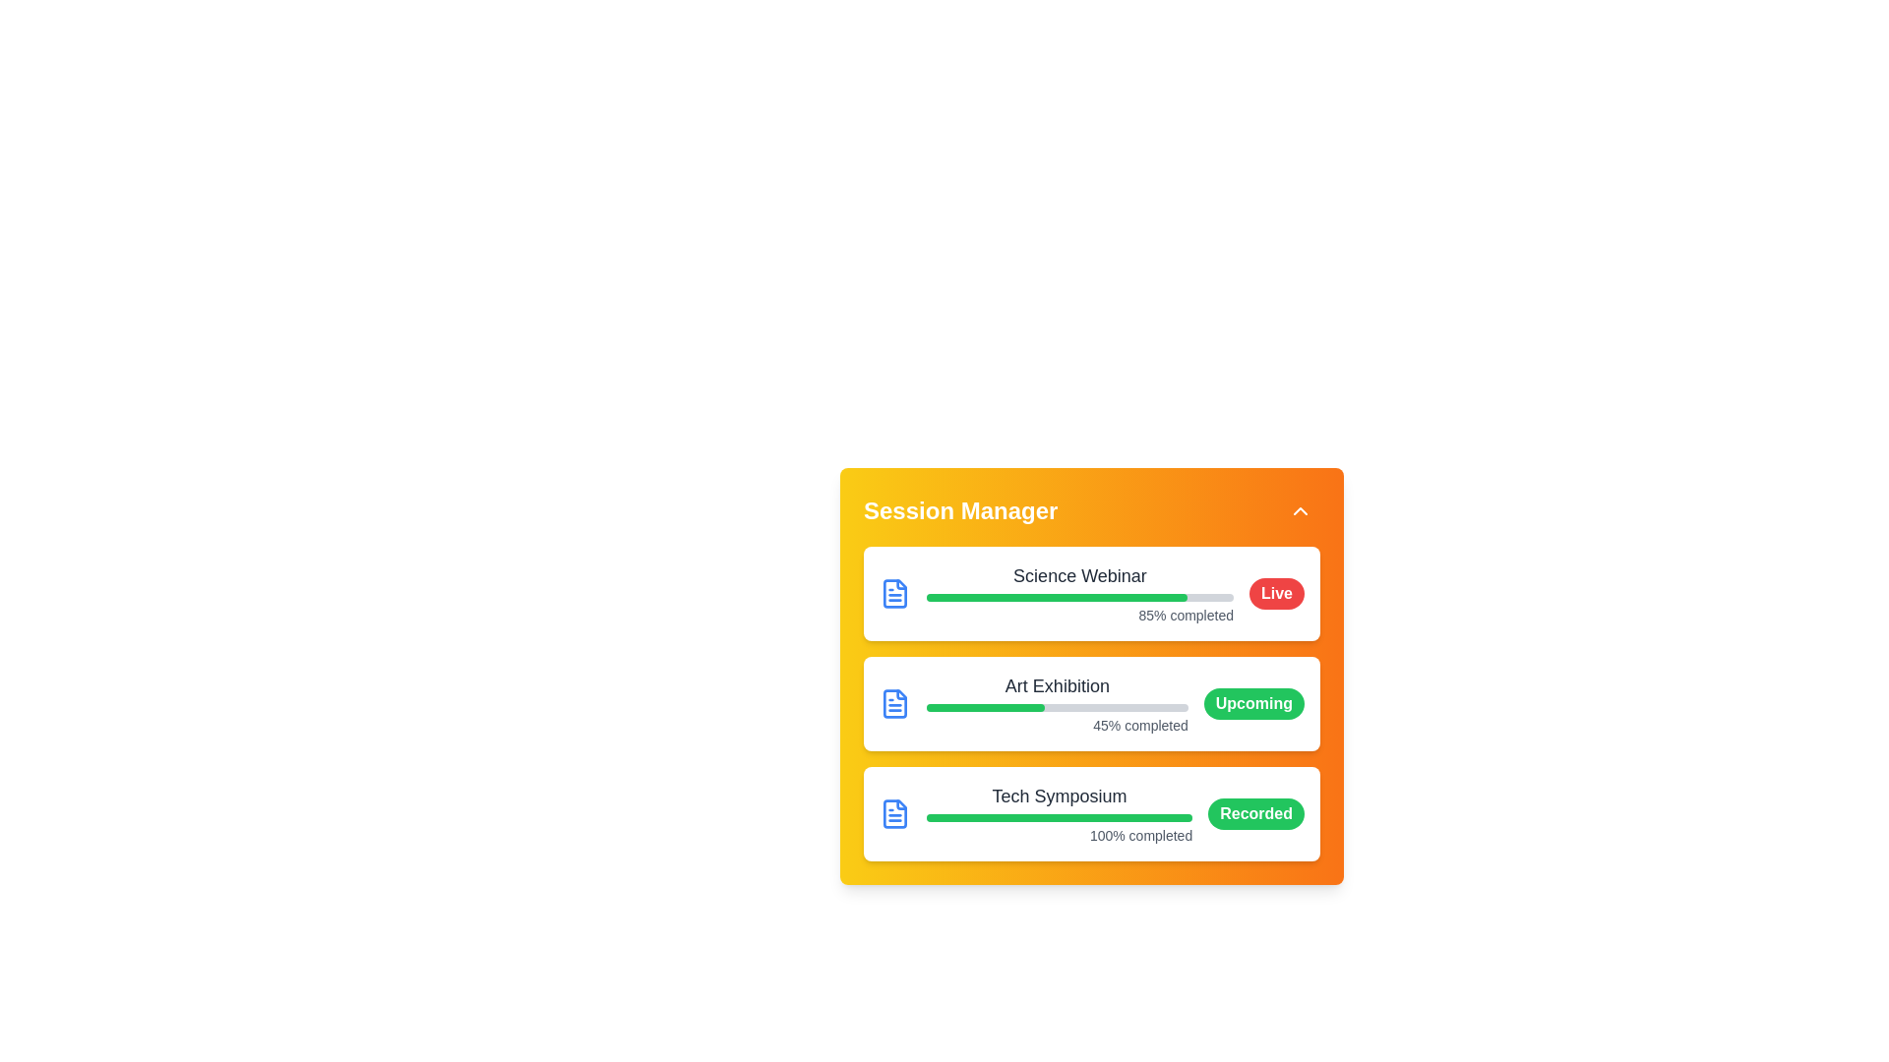  Describe the element at coordinates (894, 703) in the screenshot. I see `the 'Art Exhibition' icon, which serves as a visual identifier for the entry and is located to the left of the text label 'Art Exhibition'` at that location.